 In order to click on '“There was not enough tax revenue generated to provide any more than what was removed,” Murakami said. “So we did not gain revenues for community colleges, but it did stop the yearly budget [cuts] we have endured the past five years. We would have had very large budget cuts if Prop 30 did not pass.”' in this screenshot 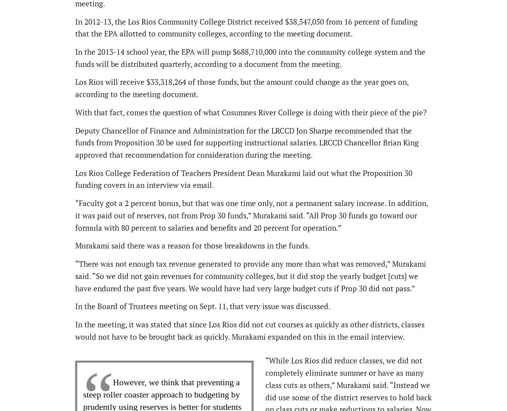, I will do `click(250, 276)`.